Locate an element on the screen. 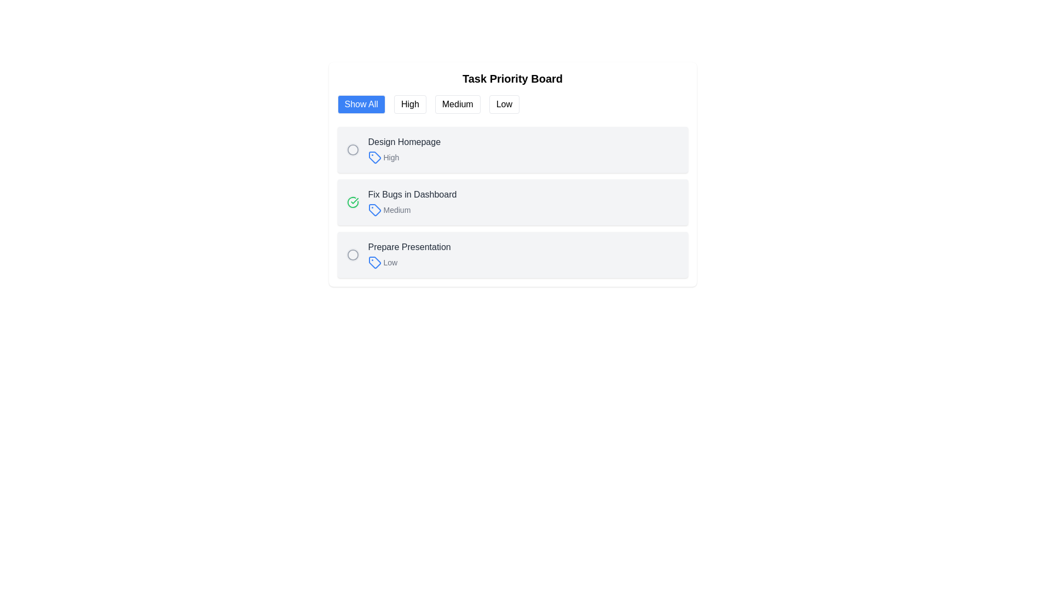  the 'Filter Control' component's toggle buttons labeled 'Show All', 'High', 'Medium', and 'Low' is located at coordinates (512, 92).